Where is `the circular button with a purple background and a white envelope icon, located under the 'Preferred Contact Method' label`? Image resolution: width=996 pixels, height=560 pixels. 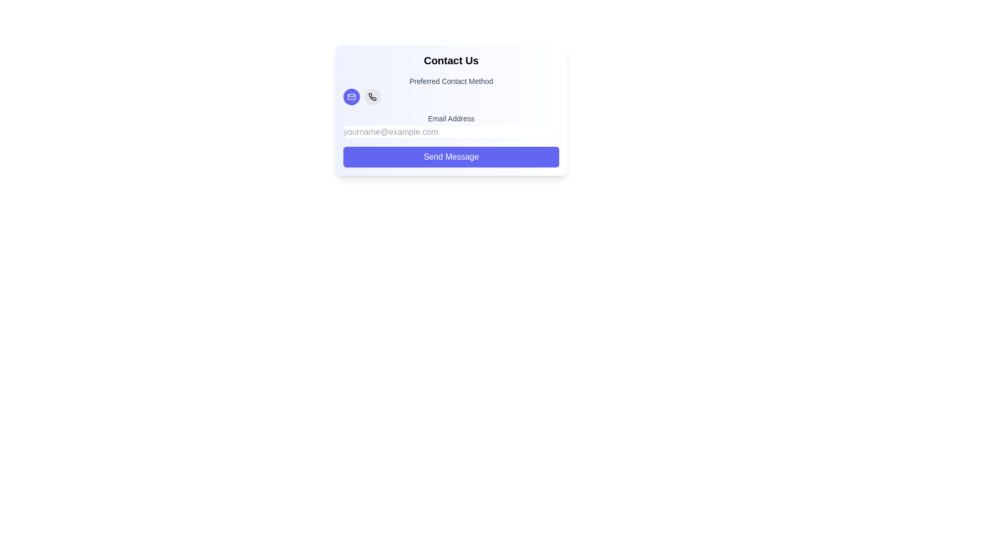 the circular button with a purple background and a white envelope icon, located under the 'Preferred Contact Method' label is located at coordinates (351, 96).